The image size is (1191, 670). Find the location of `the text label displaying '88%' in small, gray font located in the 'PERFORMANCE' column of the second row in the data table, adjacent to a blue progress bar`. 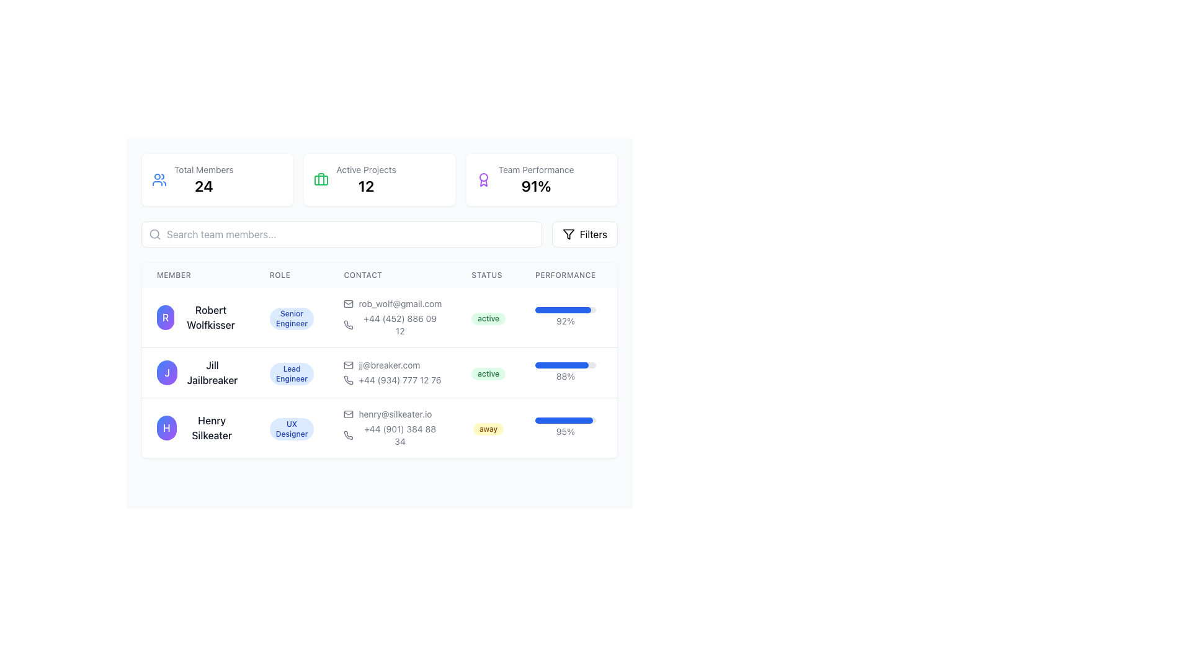

the text label displaying '88%' in small, gray font located in the 'PERFORMANCE' column of the second row in the data table, adjacent to a blue progress bar is located at coordinates (565, 375).